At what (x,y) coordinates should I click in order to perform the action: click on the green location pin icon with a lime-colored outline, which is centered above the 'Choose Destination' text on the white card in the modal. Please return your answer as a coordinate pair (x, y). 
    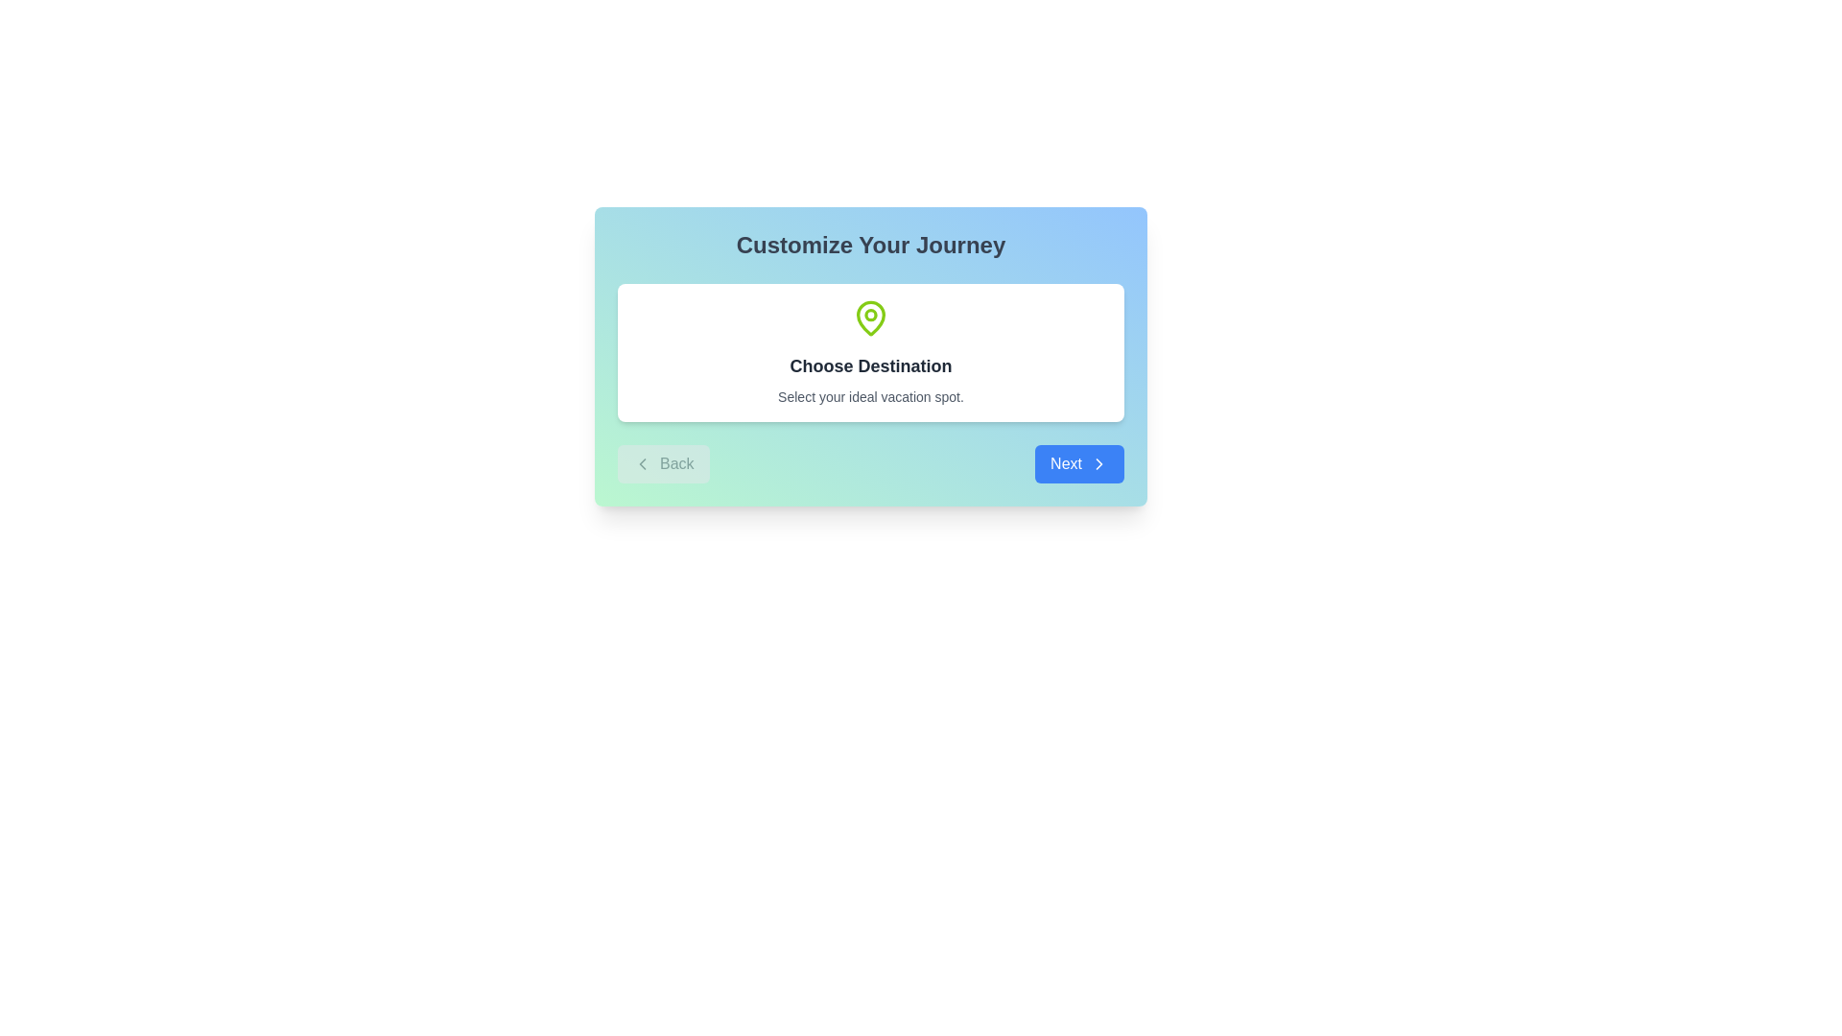
    Looking at the image, I should click on (869, 317).